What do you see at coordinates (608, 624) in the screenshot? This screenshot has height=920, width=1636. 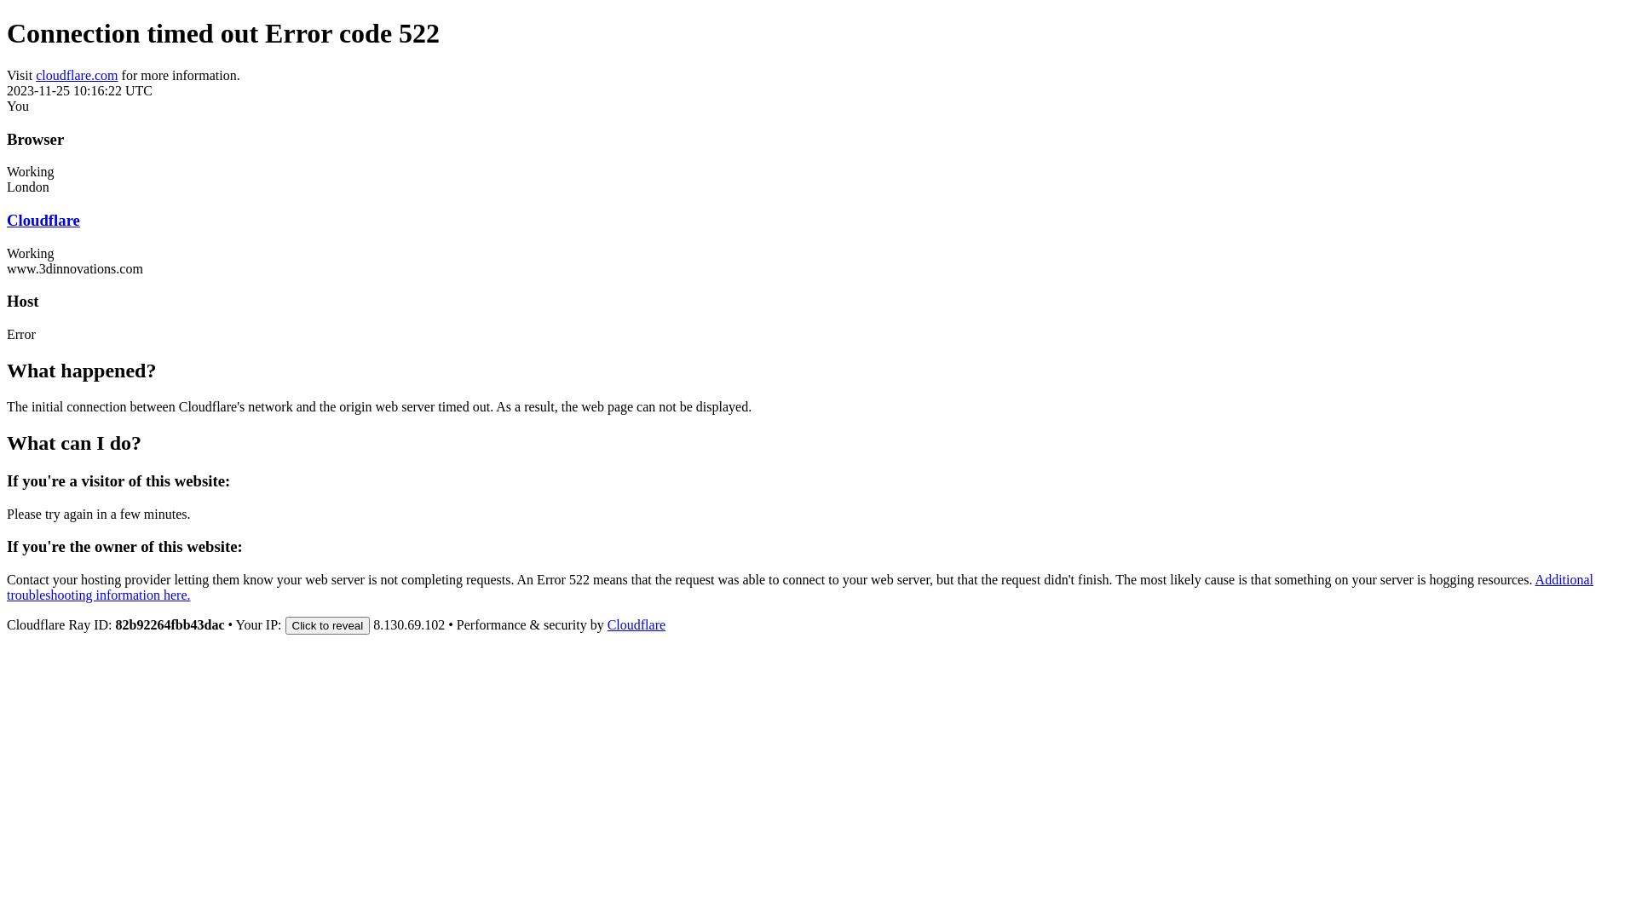 I see `'Cloudflare'` at bounding box center [608, 624].